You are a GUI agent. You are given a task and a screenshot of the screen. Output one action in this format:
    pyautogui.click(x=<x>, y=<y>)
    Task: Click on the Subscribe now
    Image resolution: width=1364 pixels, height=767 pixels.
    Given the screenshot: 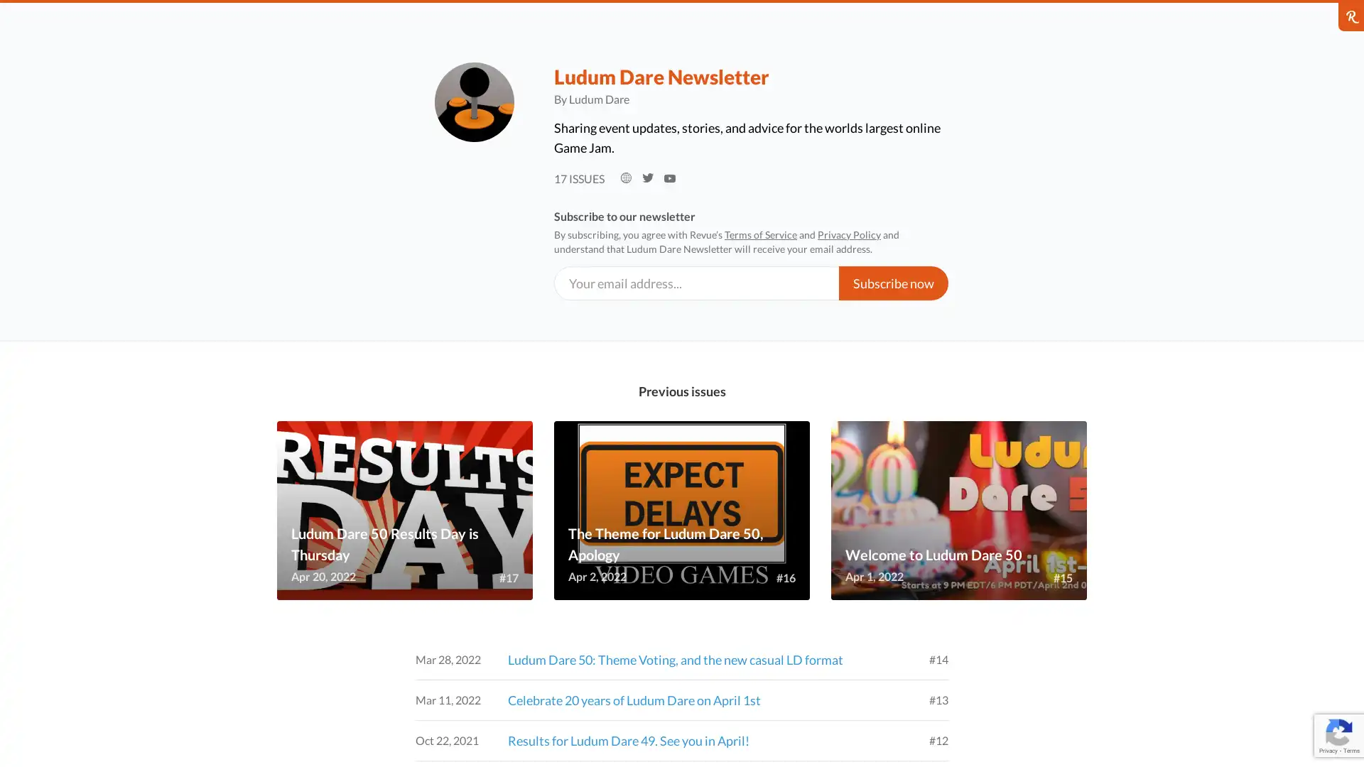 What is the action you would take?
    pyautogui.click(x=892, y=283)
    